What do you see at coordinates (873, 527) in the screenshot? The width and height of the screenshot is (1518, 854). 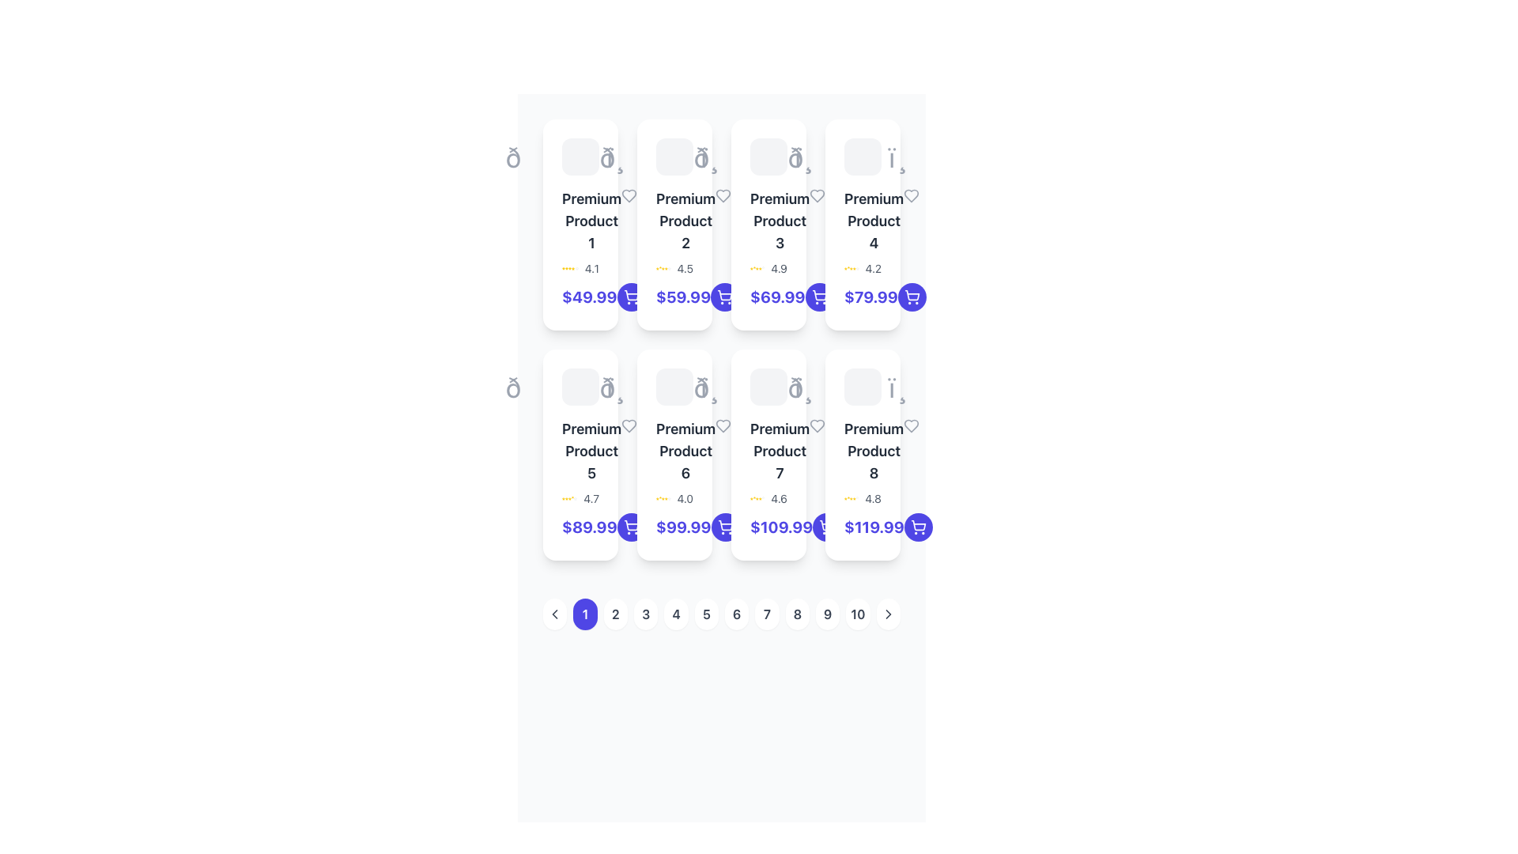 I see `price displayed in the text element located in the rightmost card of the bottom row, positioned just above the shopping cart button` at bounding box center [873, 527].